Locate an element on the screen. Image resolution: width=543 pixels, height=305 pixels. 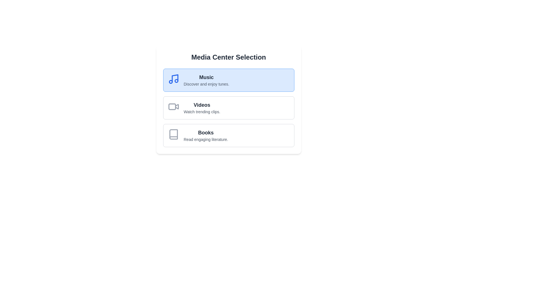
to select the 'Books' option from the selectable interactive list item, which is the last item in the Media Center Selection section, displaying the title 'Books' in bold and dark gray is located at coordinates (229, 135).